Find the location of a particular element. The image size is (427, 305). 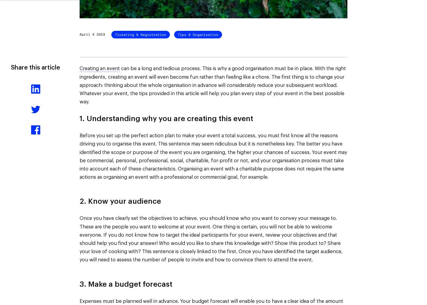

'Tips & Organisation' is located at coordinates (198, 34).